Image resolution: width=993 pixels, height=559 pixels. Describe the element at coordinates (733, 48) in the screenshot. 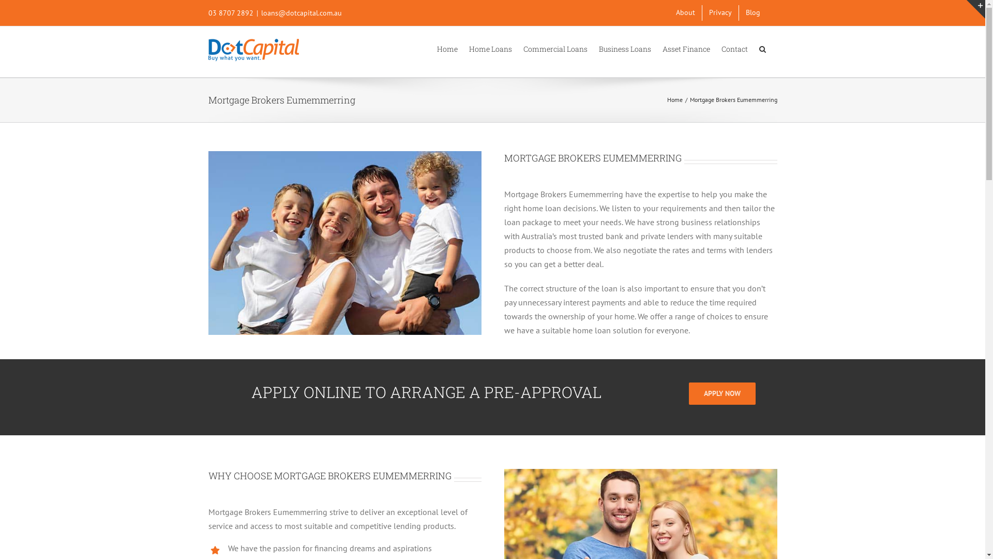

I see `'Contact'` at that location.